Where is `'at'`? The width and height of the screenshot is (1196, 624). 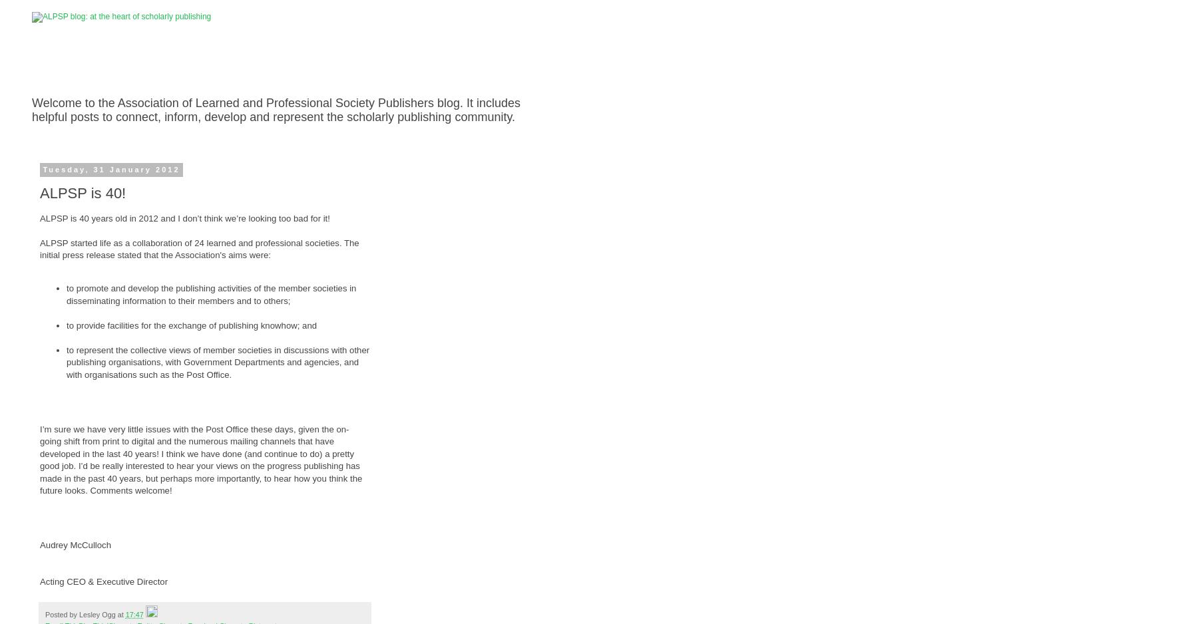 'at' is located at coordinates (116, 613).